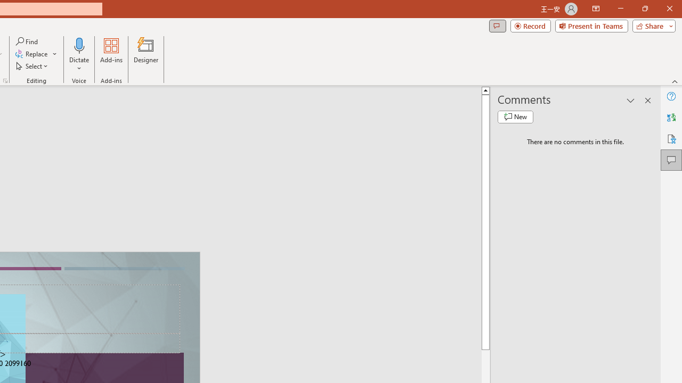  What do you see at coordinates (27, 41) in the screenshot?
I see `'Find...'` at bounding box center [27, 41].